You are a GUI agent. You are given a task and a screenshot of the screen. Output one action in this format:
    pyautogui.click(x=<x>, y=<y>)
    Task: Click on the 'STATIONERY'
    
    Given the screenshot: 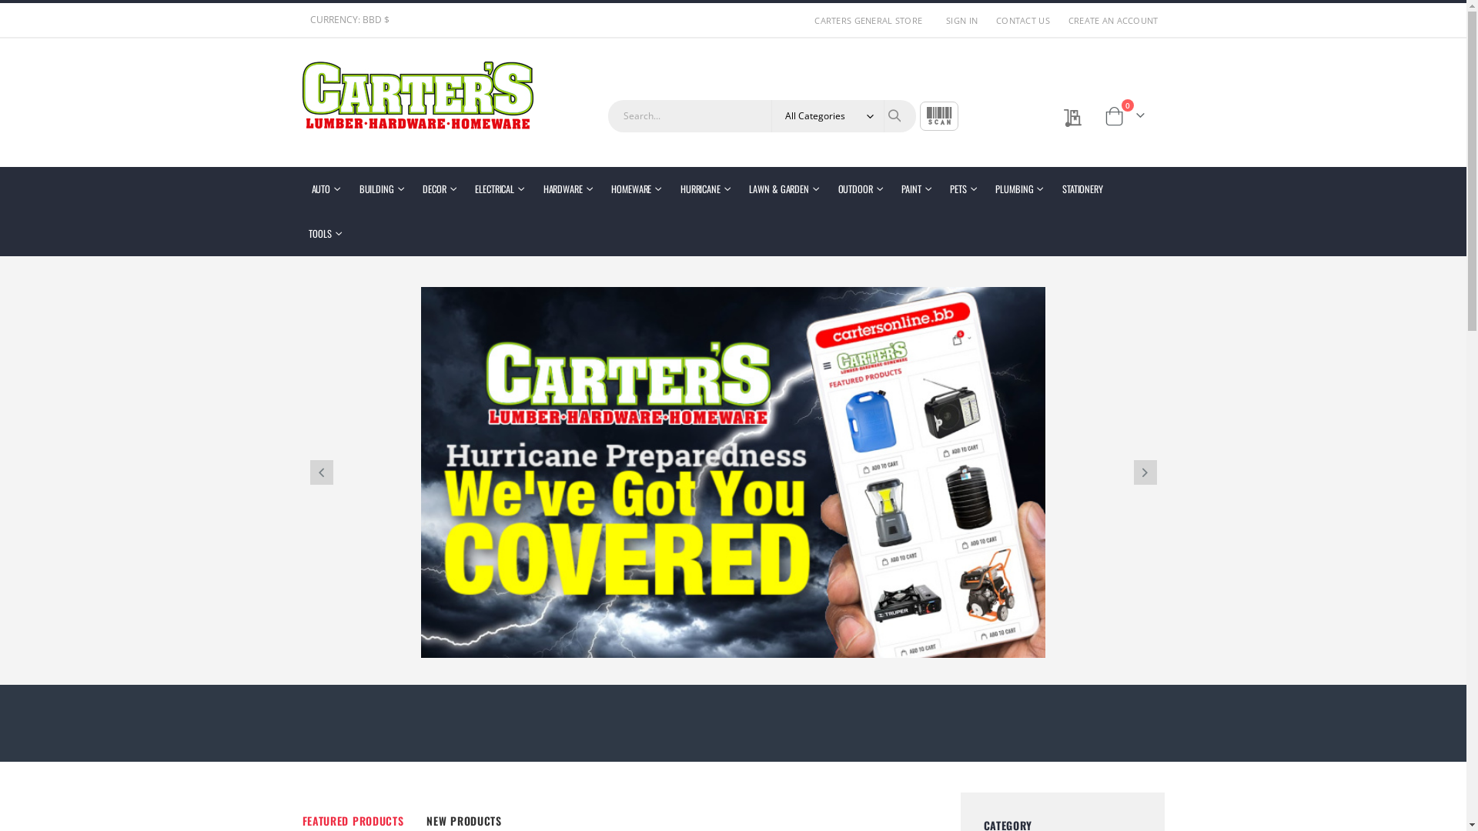 What is the action you would take?
    pyautogui.click(x=1082, y=189)
    